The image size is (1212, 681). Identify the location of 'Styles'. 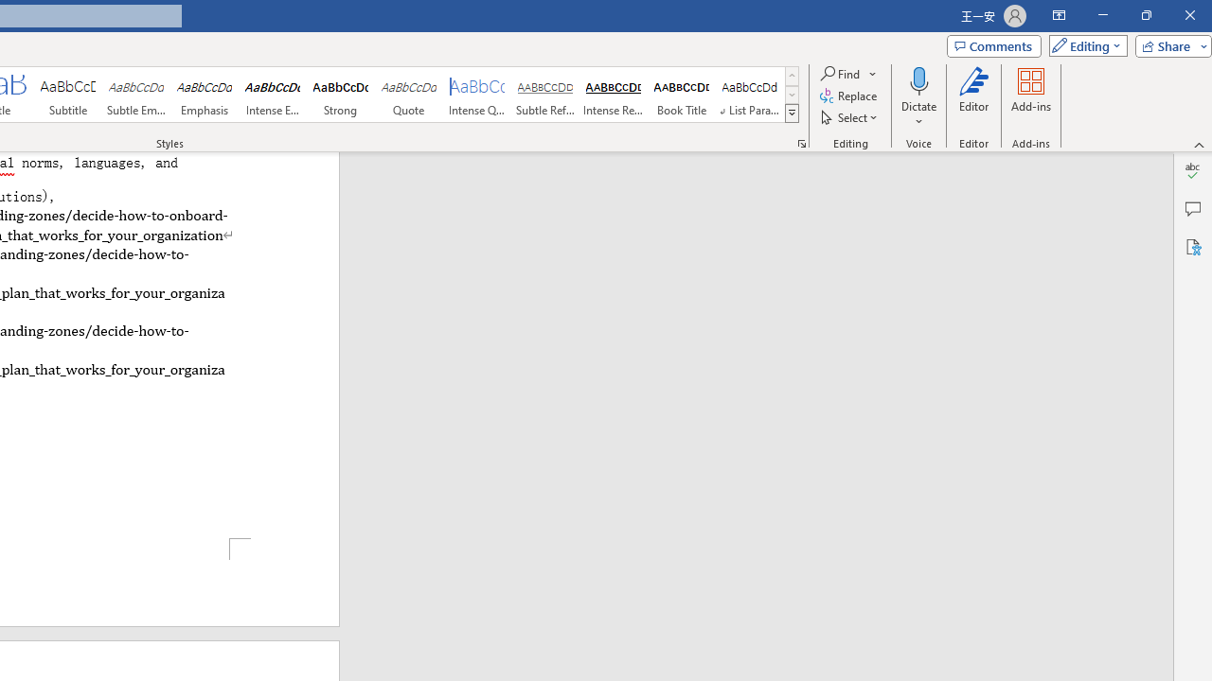
(792, 113).